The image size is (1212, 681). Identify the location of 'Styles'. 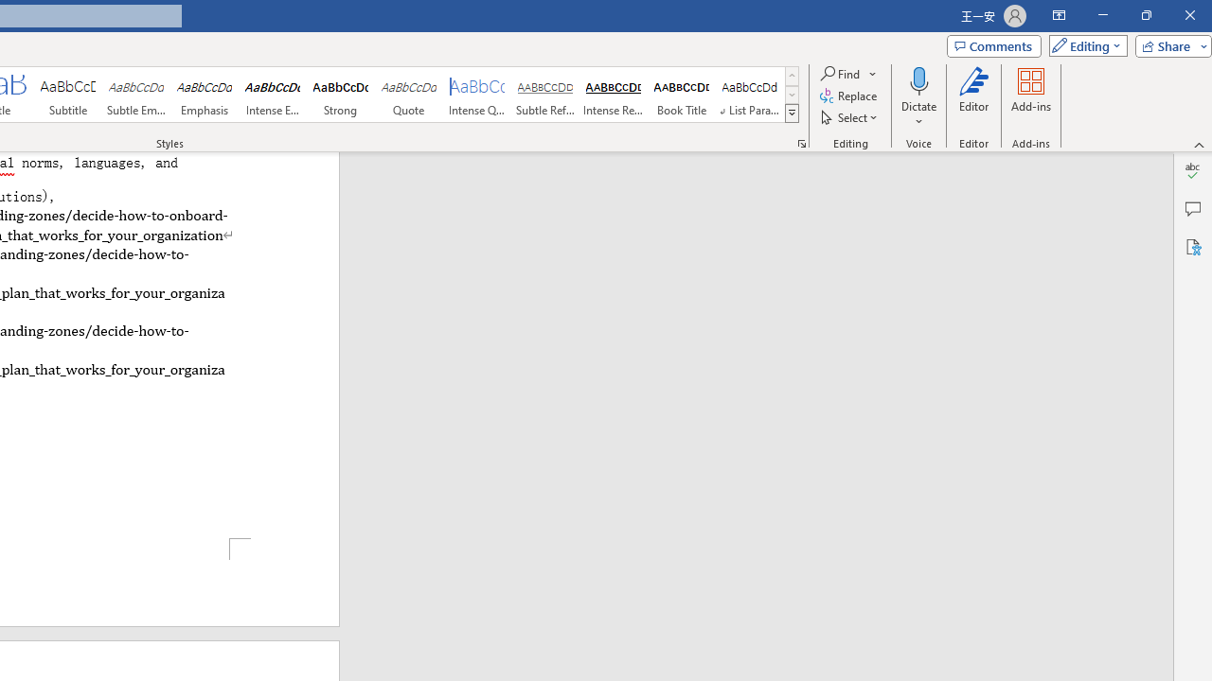
(792, 113).